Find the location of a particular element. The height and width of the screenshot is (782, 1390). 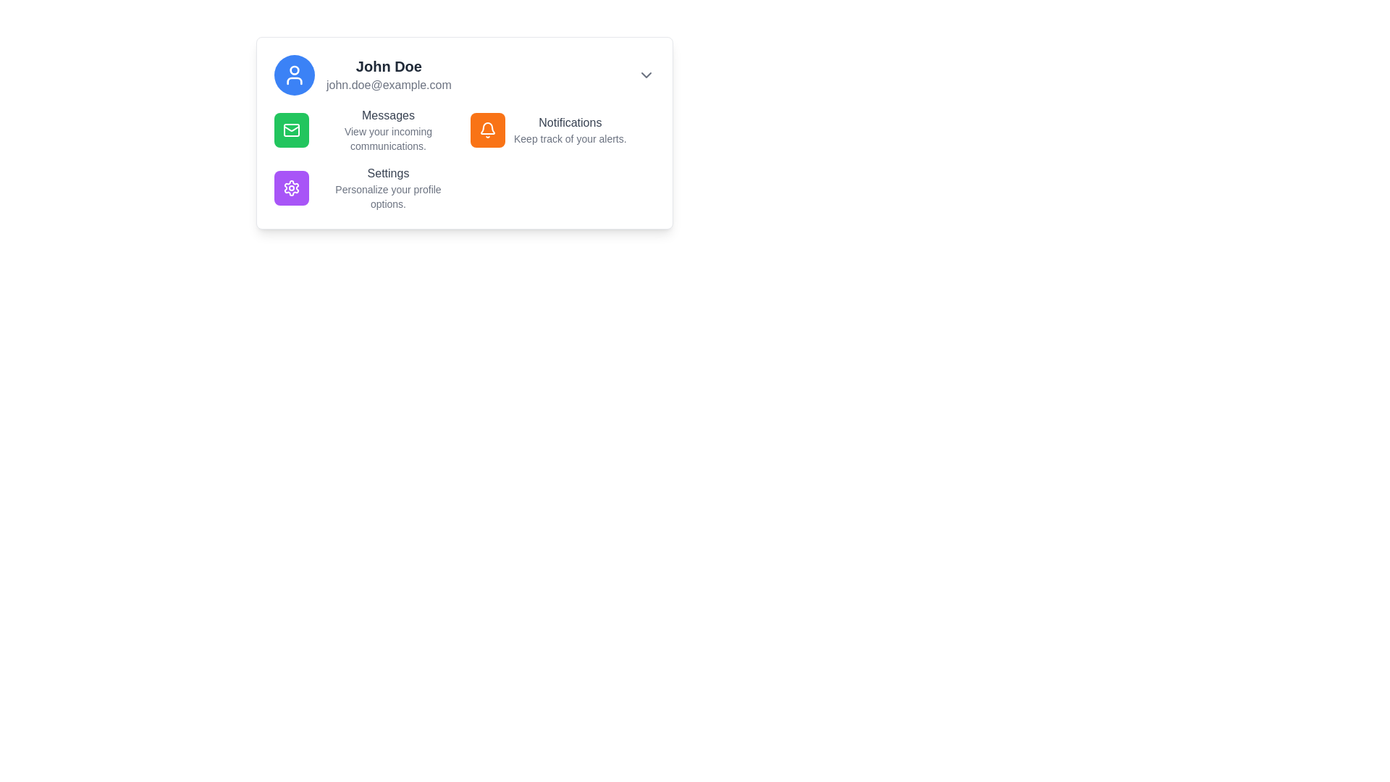

the static informational text located below the 'Notifications' section heading, which provides additional information about its function is located at coordinates (569, 139).